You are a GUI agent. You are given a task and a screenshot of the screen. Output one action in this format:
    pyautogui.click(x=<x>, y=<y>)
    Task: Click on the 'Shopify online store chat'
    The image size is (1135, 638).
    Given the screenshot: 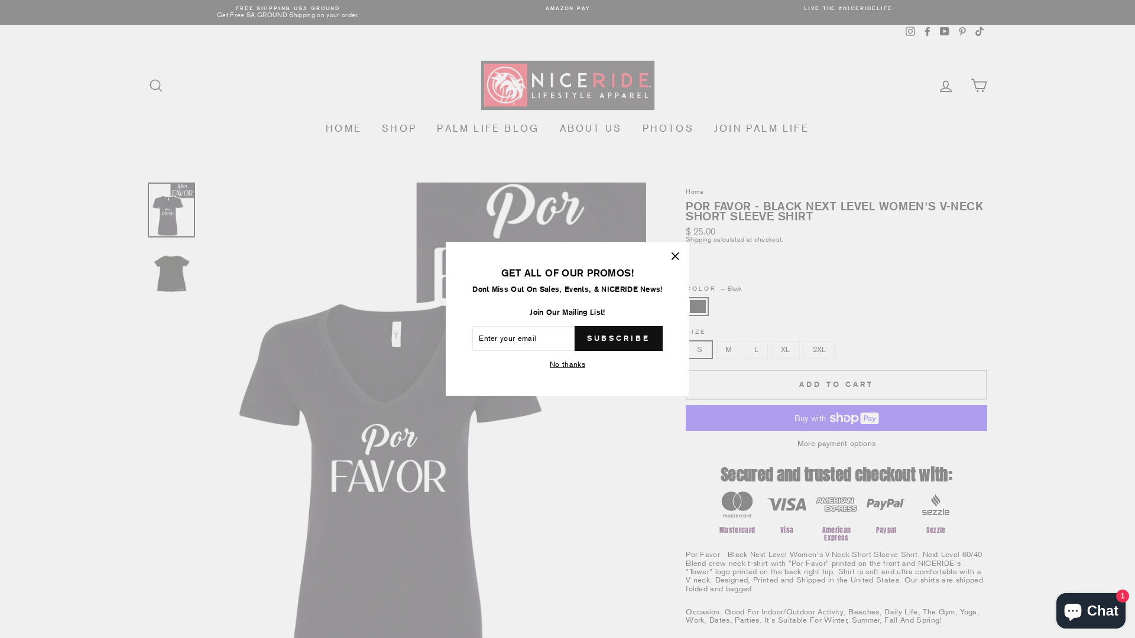 What is the action you would take?
    pyautogui.click(x=1090, y=608)
    